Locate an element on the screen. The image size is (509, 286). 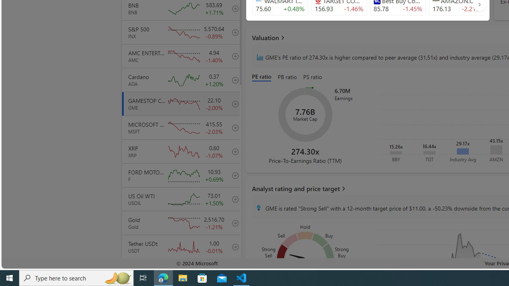
'Class: recharts-surface' is located at coordinates (305, 115).